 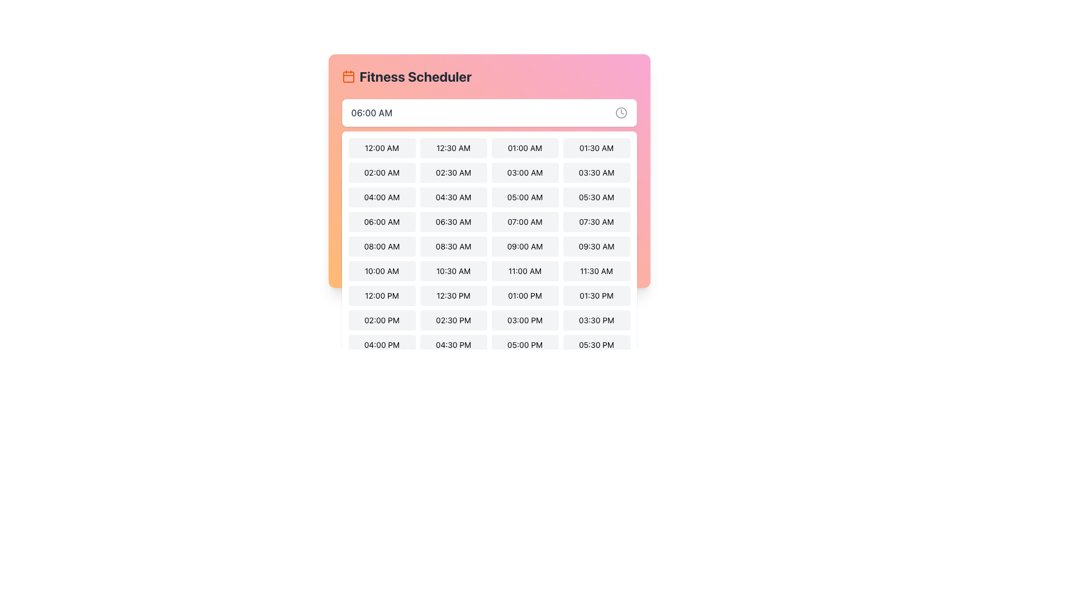 I want to click on the time slot in the grid of selectable options within the 'Fitness Scheduler' panel, so click(x=489, y=225).